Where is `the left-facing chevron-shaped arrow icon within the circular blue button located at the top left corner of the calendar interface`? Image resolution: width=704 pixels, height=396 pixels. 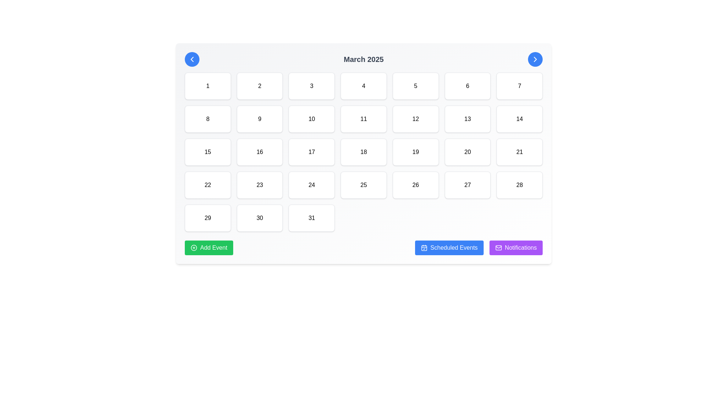 the left-facing chevron-shaped arrow icon within the circular blue button located at the top left corner of the calendar interface is located at coordinates (192, 59).